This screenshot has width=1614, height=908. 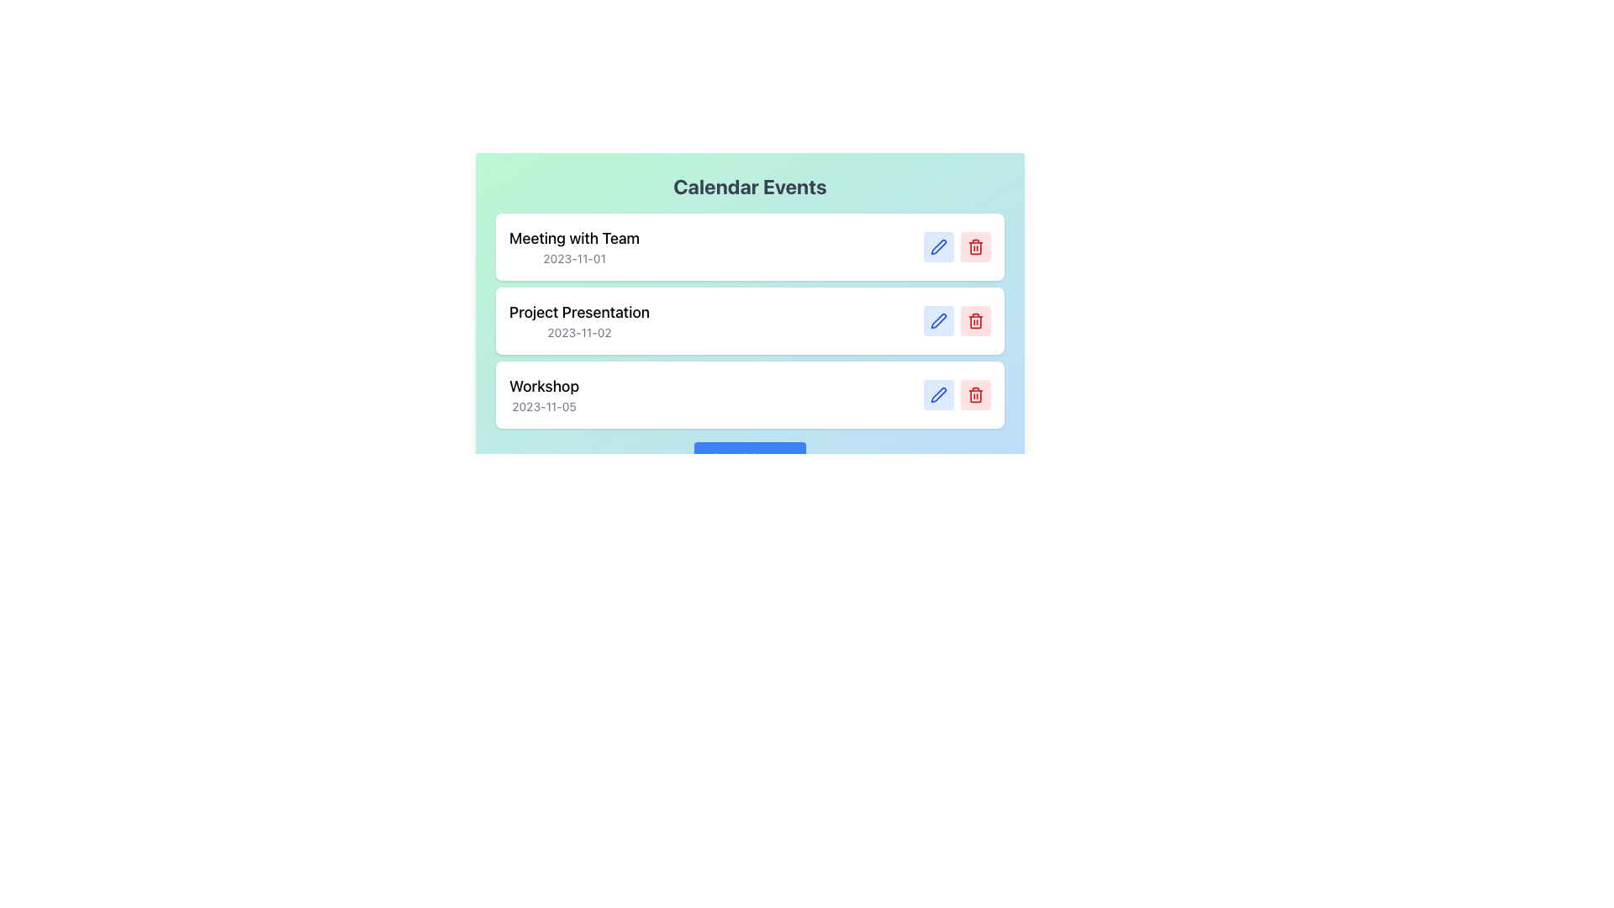 I want to click on the delete icon button, so click(x=976, y=395).